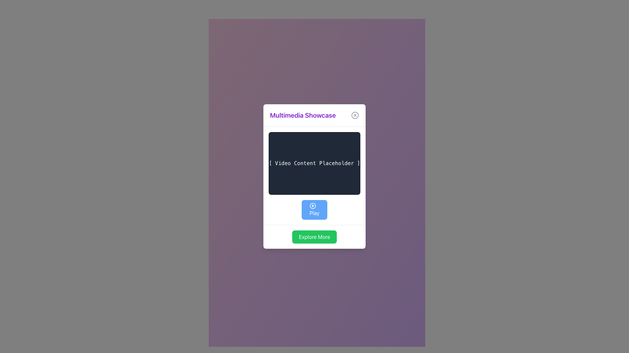 The image size is (629, 353). Describe the element at coordinates (314, 163) in the screenshot. I see `the text label that indicates where video content will appear, positioned in the center of a dark rectangular area within a white card interface` at that location.